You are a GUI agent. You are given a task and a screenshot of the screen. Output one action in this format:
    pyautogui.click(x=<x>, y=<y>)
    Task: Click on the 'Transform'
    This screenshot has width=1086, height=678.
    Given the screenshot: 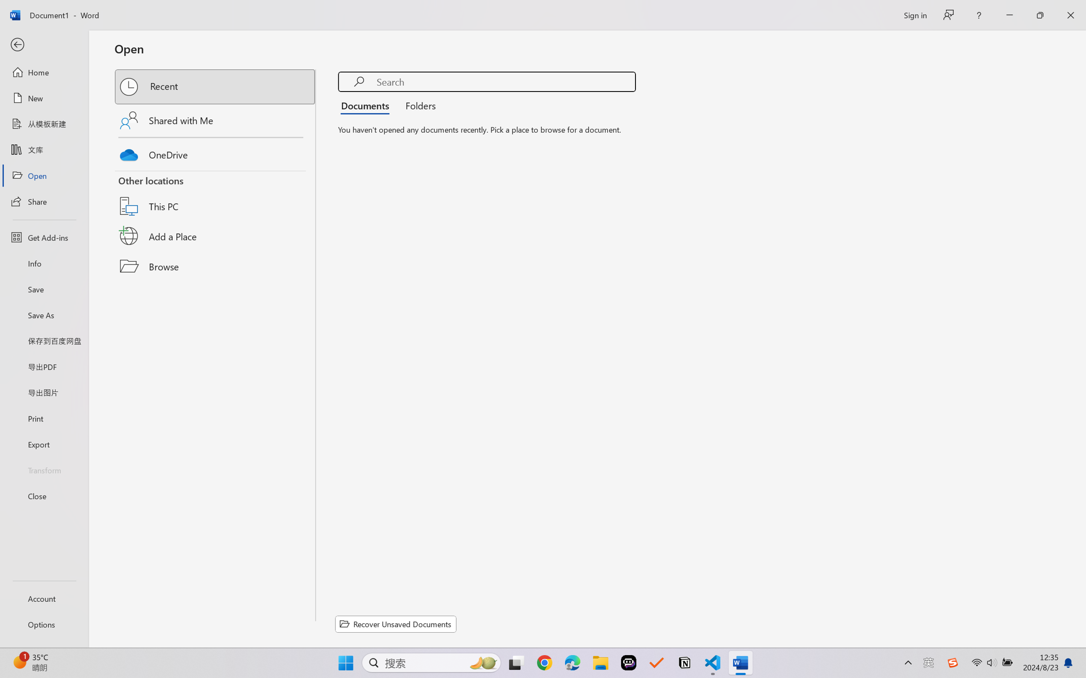 What is the action you would take?
    pyautogui.click(x=44, y=469)
    